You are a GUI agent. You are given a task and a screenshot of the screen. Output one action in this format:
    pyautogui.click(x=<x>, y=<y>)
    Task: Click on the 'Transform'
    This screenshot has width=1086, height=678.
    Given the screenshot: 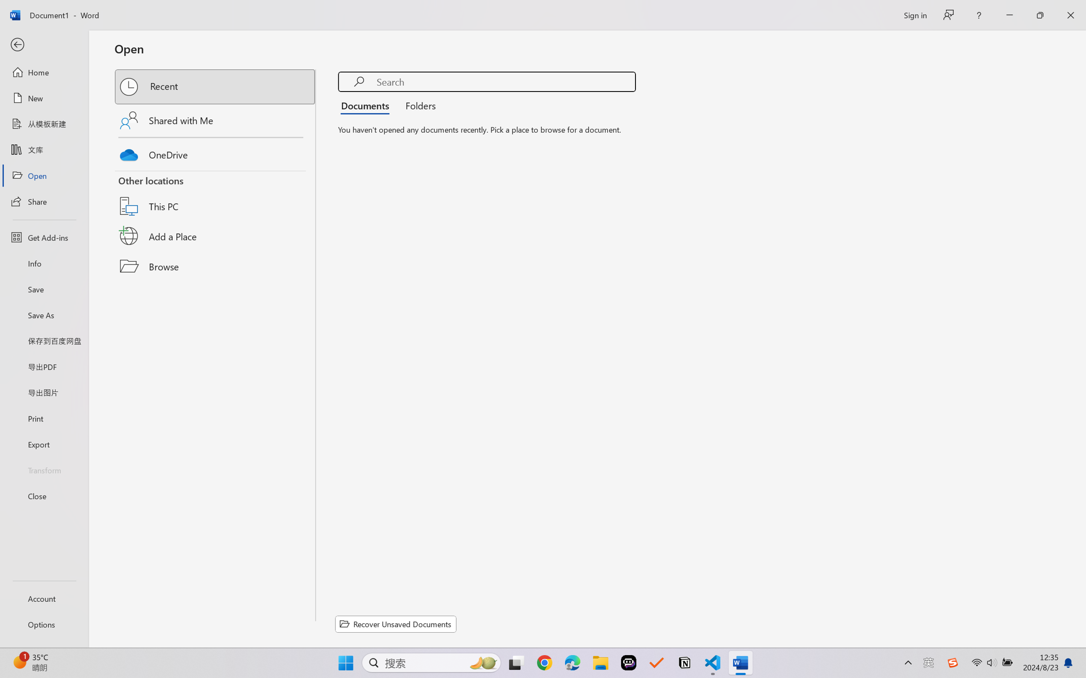 What is the action you would take?
    pyautogui.click(x=44, y=469)
    